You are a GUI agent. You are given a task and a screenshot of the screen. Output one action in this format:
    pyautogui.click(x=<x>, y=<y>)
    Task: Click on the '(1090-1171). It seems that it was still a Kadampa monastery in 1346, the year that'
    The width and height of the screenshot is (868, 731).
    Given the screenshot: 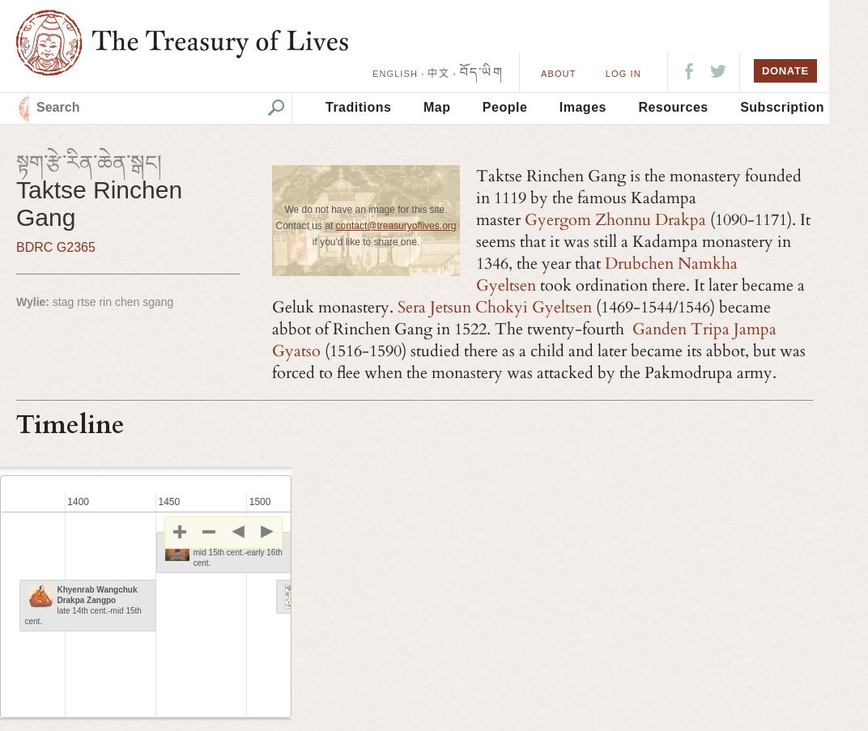 What is the action you would take?
    pyautogui.click(x=474, y=240)
    